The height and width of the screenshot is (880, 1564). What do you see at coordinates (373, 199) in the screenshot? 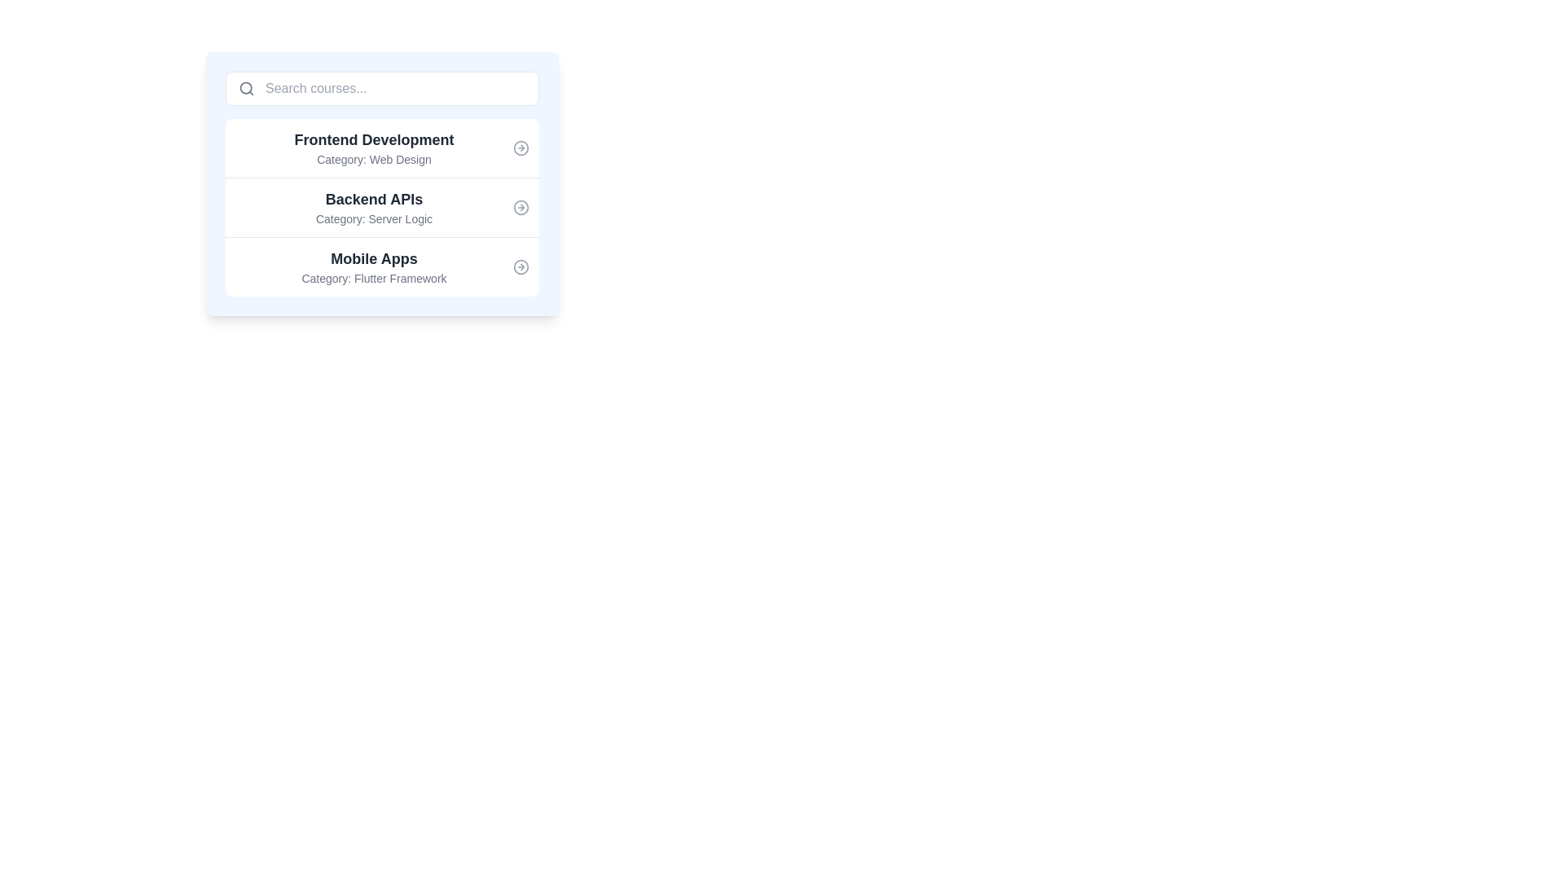
I see `text content of the bold 'Backend APIs' label, which is the second item in the list above 'Category: Server Logic'` at bounding box center [373, 199].